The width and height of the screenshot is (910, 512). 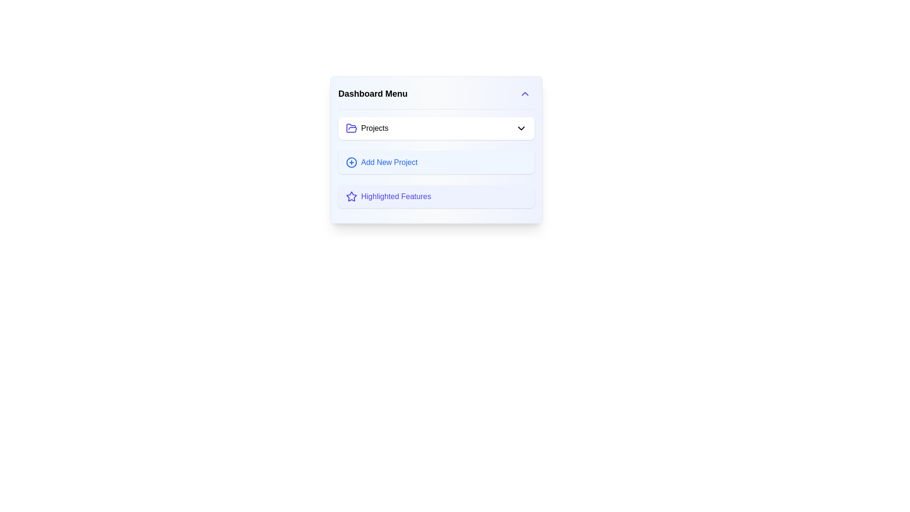 What do you see at coordinates (436, 128) in the screenshot?
I see `the first item in the 'Dashboard Menu' section` at bounding box center [436, 128].